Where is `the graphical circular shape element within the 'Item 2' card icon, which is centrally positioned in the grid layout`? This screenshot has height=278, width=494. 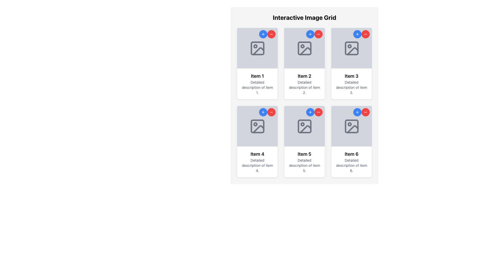
the graphical circular shape element within the 'Item 2' card icon, which is centrally positioned in the grid layout is located at coordinates (302, 46).